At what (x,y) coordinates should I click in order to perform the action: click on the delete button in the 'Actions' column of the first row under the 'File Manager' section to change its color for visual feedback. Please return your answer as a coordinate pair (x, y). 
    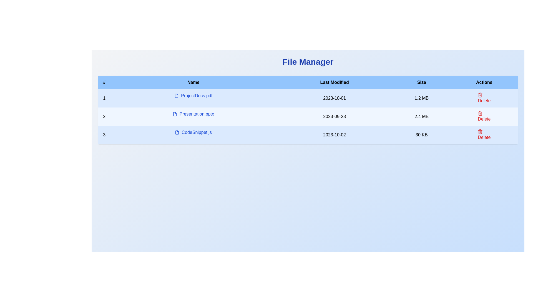
    Looking at the image, I should click on (484, 98).